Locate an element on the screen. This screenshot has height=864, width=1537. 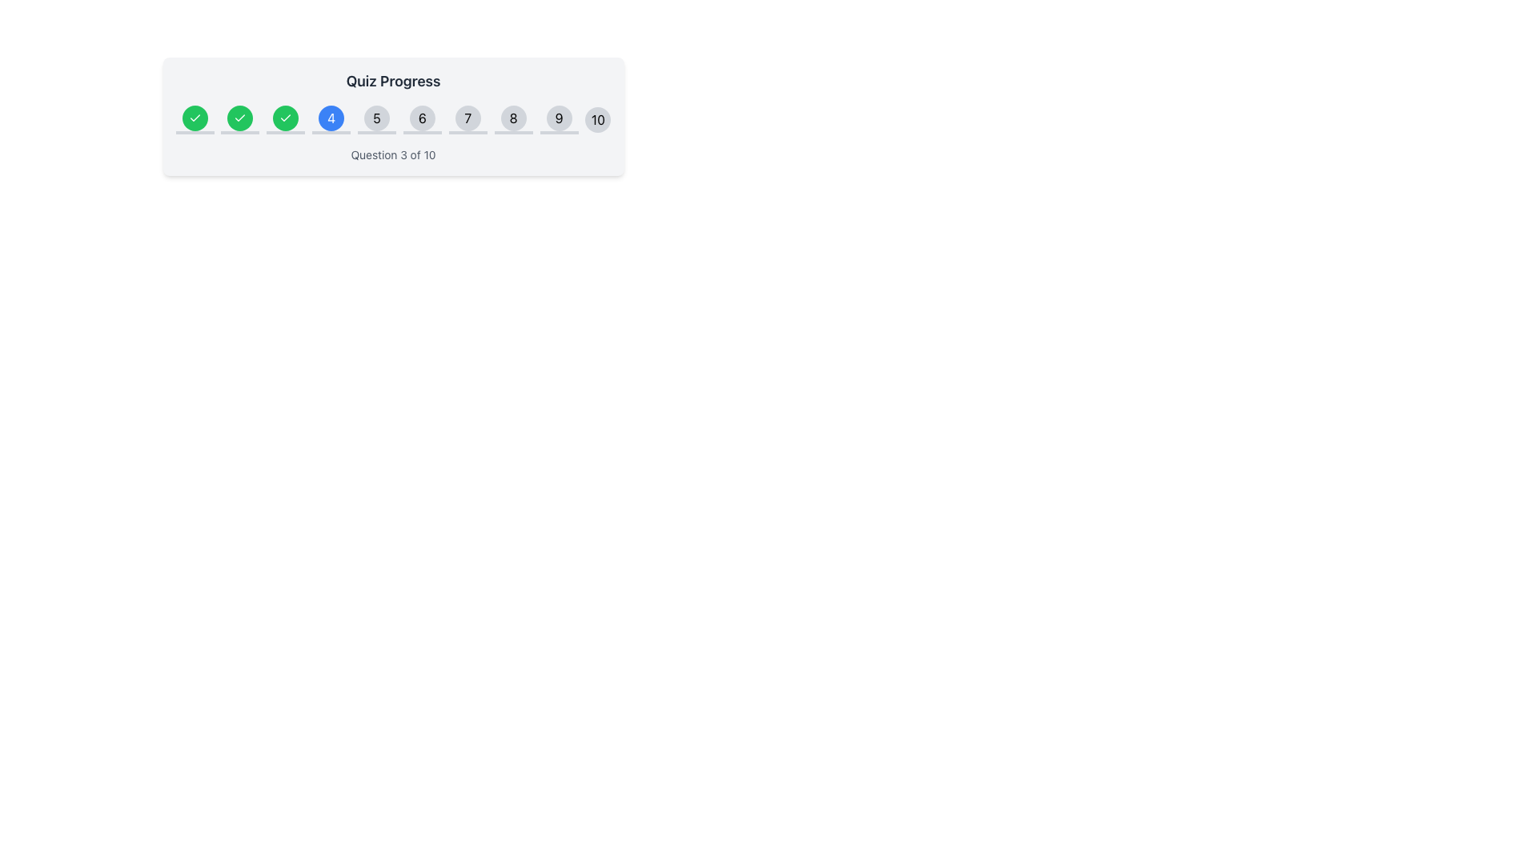
static text label that displays 'Question 3 of 10', which is centered and positioned below the progress tracker is located at coordinates (393, 154).